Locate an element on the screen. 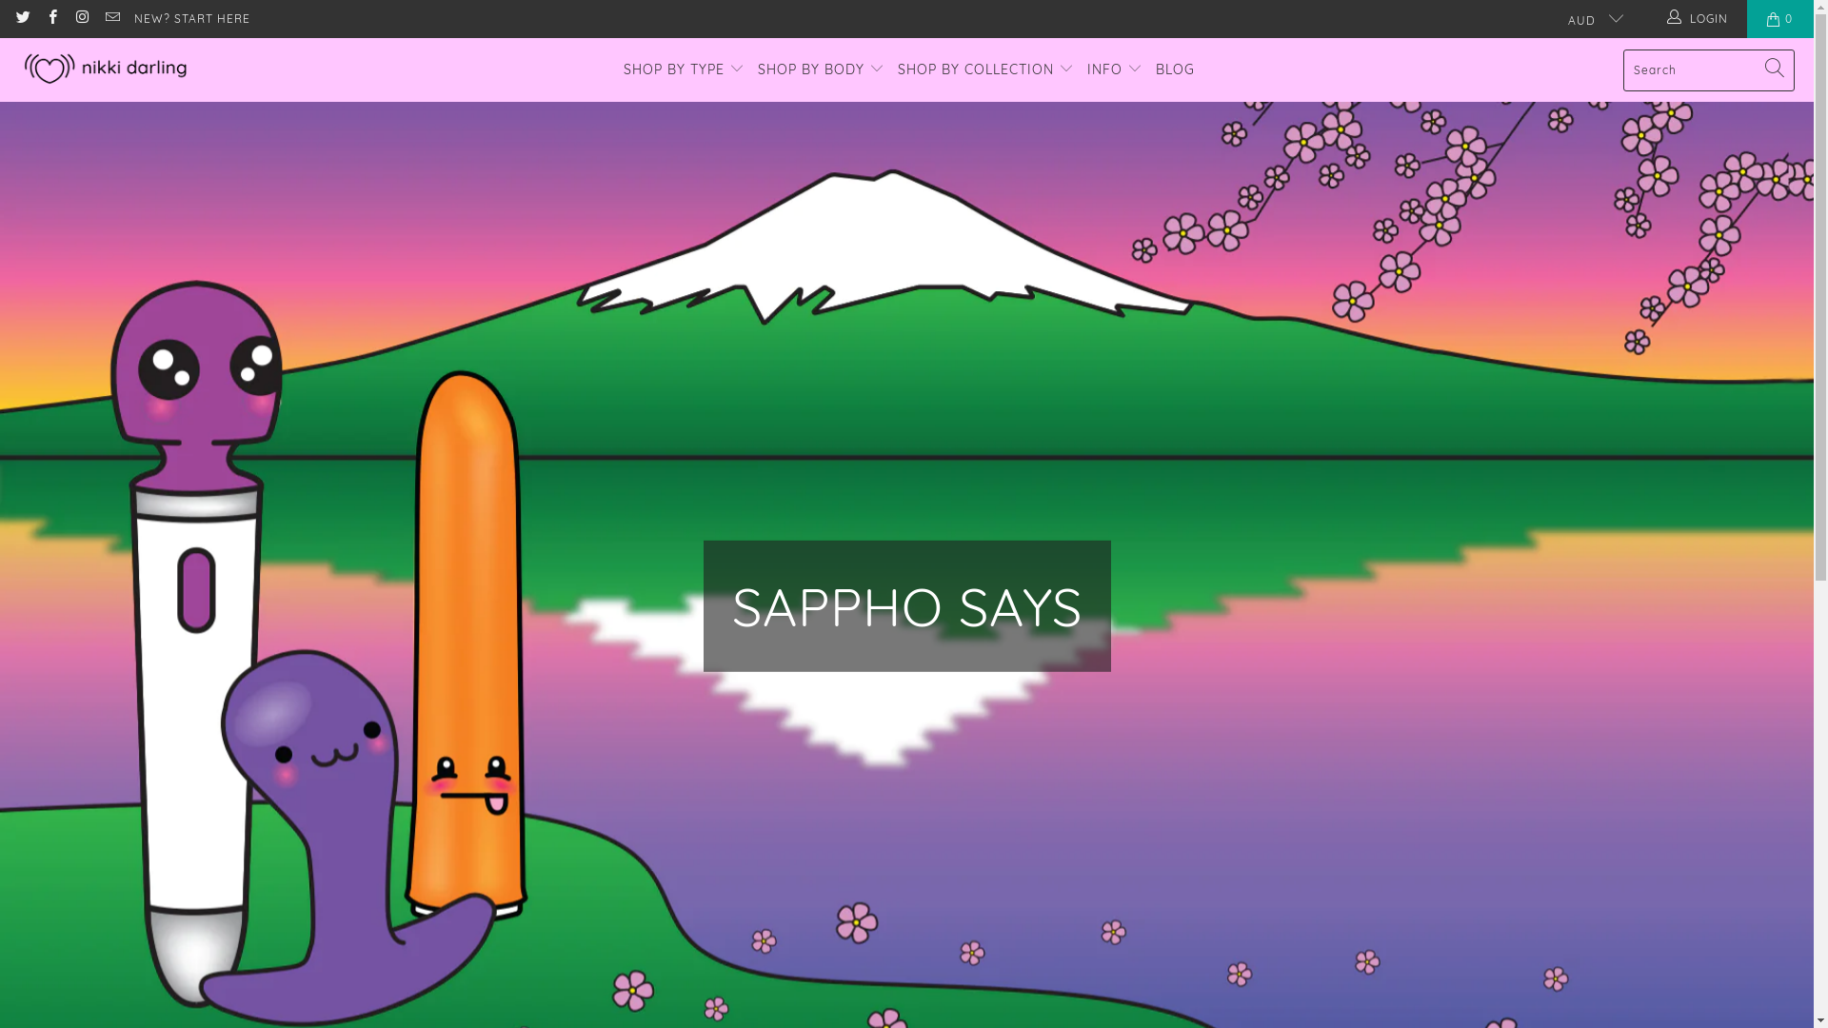 Image resolution: width=1828 pixels, height=1028 pixels. 'SHOP BY TYPE' is located at coordinates (684, 69).